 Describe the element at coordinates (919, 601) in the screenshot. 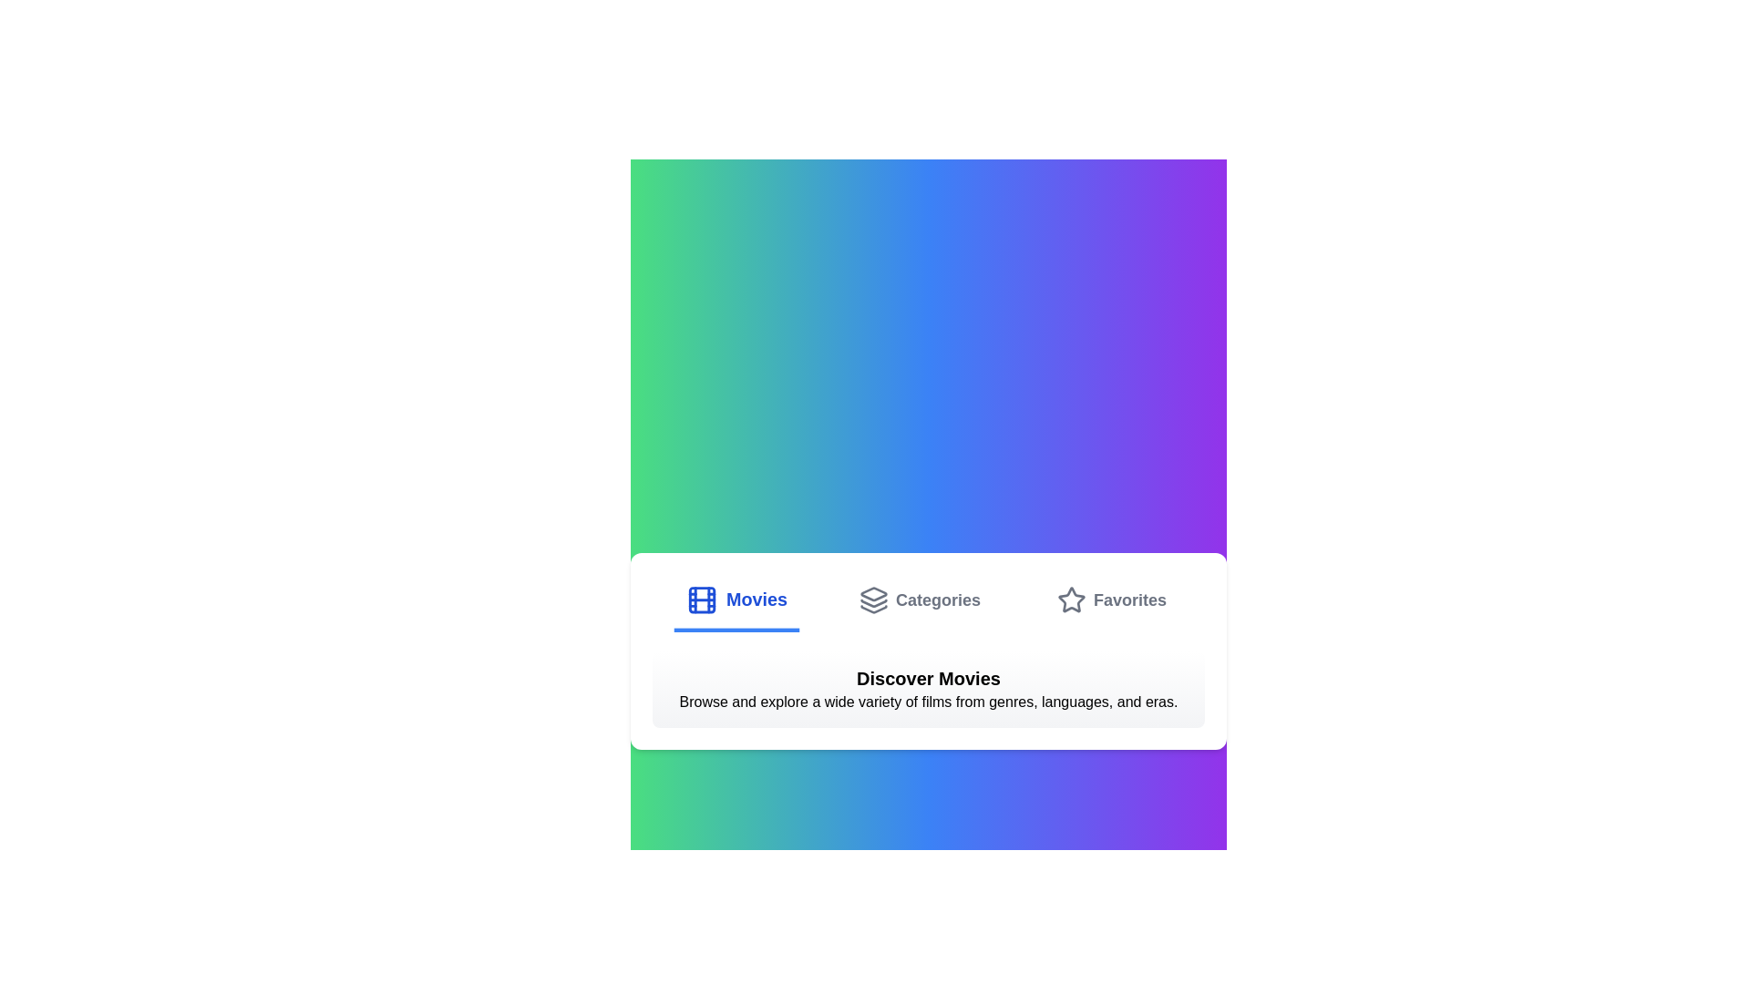

I see `the Categories tab` at that location.